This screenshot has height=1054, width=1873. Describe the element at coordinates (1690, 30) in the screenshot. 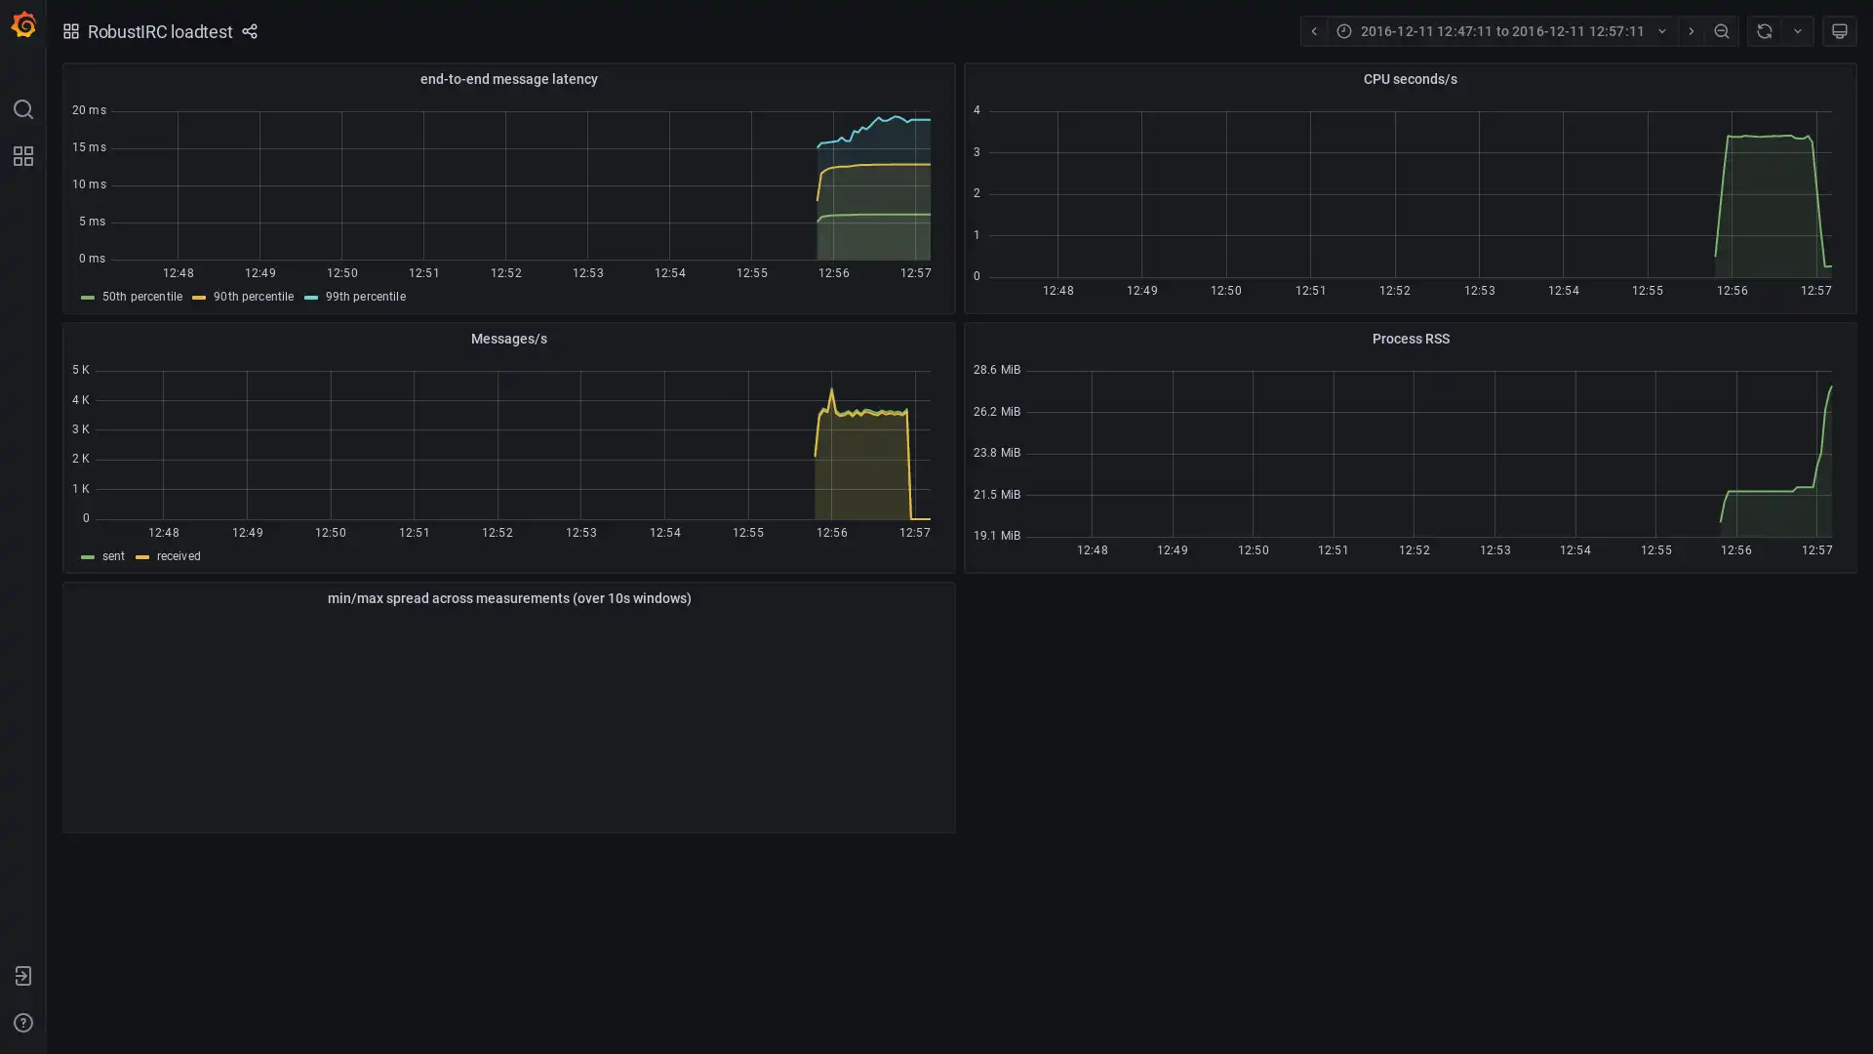

I see `Move time range forwards` at that location.